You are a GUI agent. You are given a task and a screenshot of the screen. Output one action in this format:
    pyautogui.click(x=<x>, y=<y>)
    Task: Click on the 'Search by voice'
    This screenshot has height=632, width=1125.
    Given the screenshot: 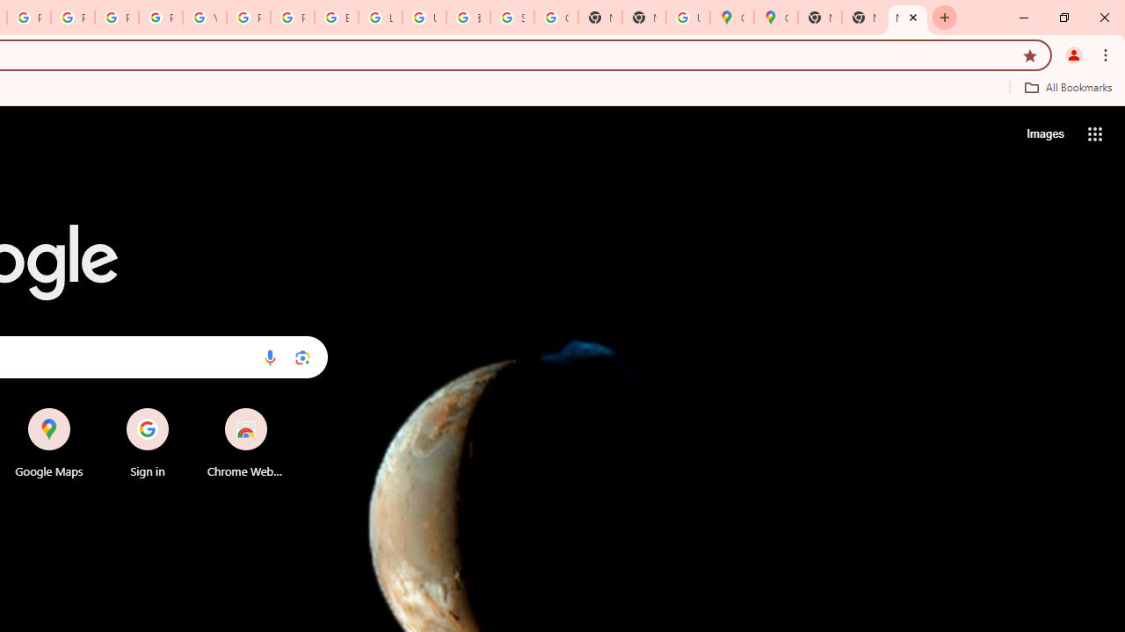 What is the action you would take?
    pyautogui.click(x=269, y=356)
    